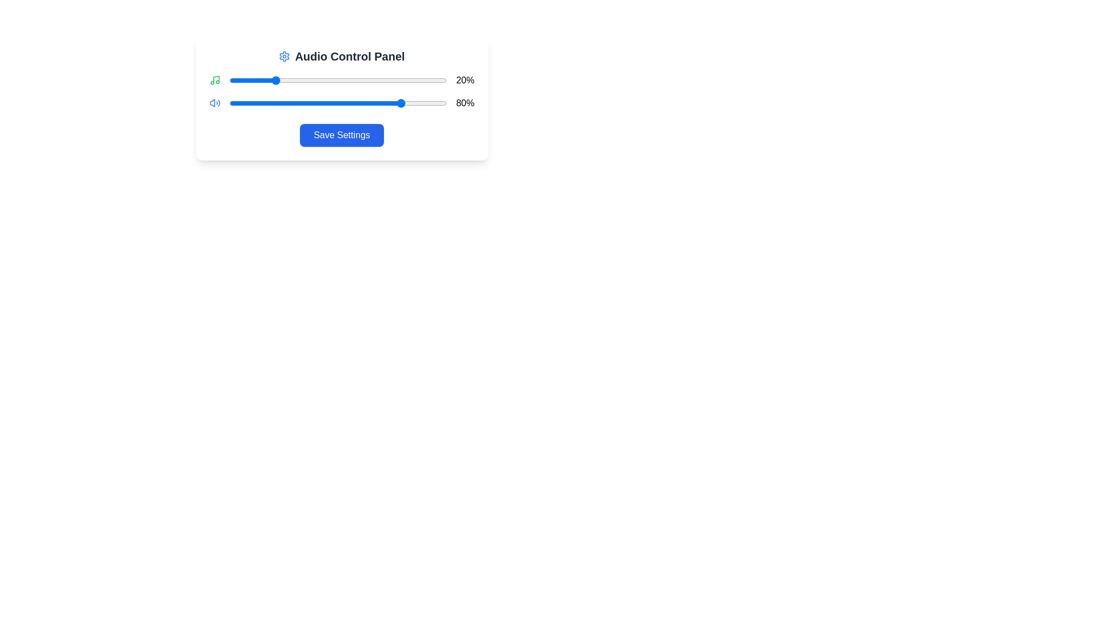  I want to click on the second volume slider to 44%, so click(325, 103).